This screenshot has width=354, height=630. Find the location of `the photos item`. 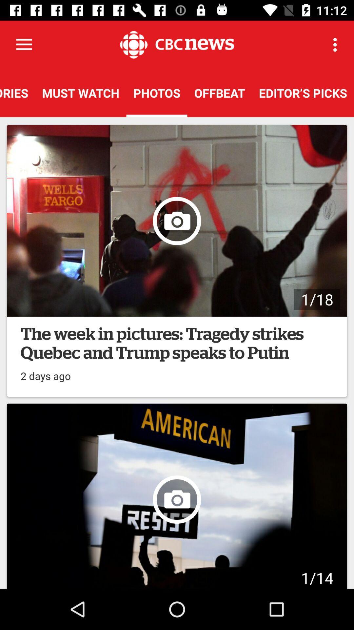

the photos item is located at coordinates (157, 93).